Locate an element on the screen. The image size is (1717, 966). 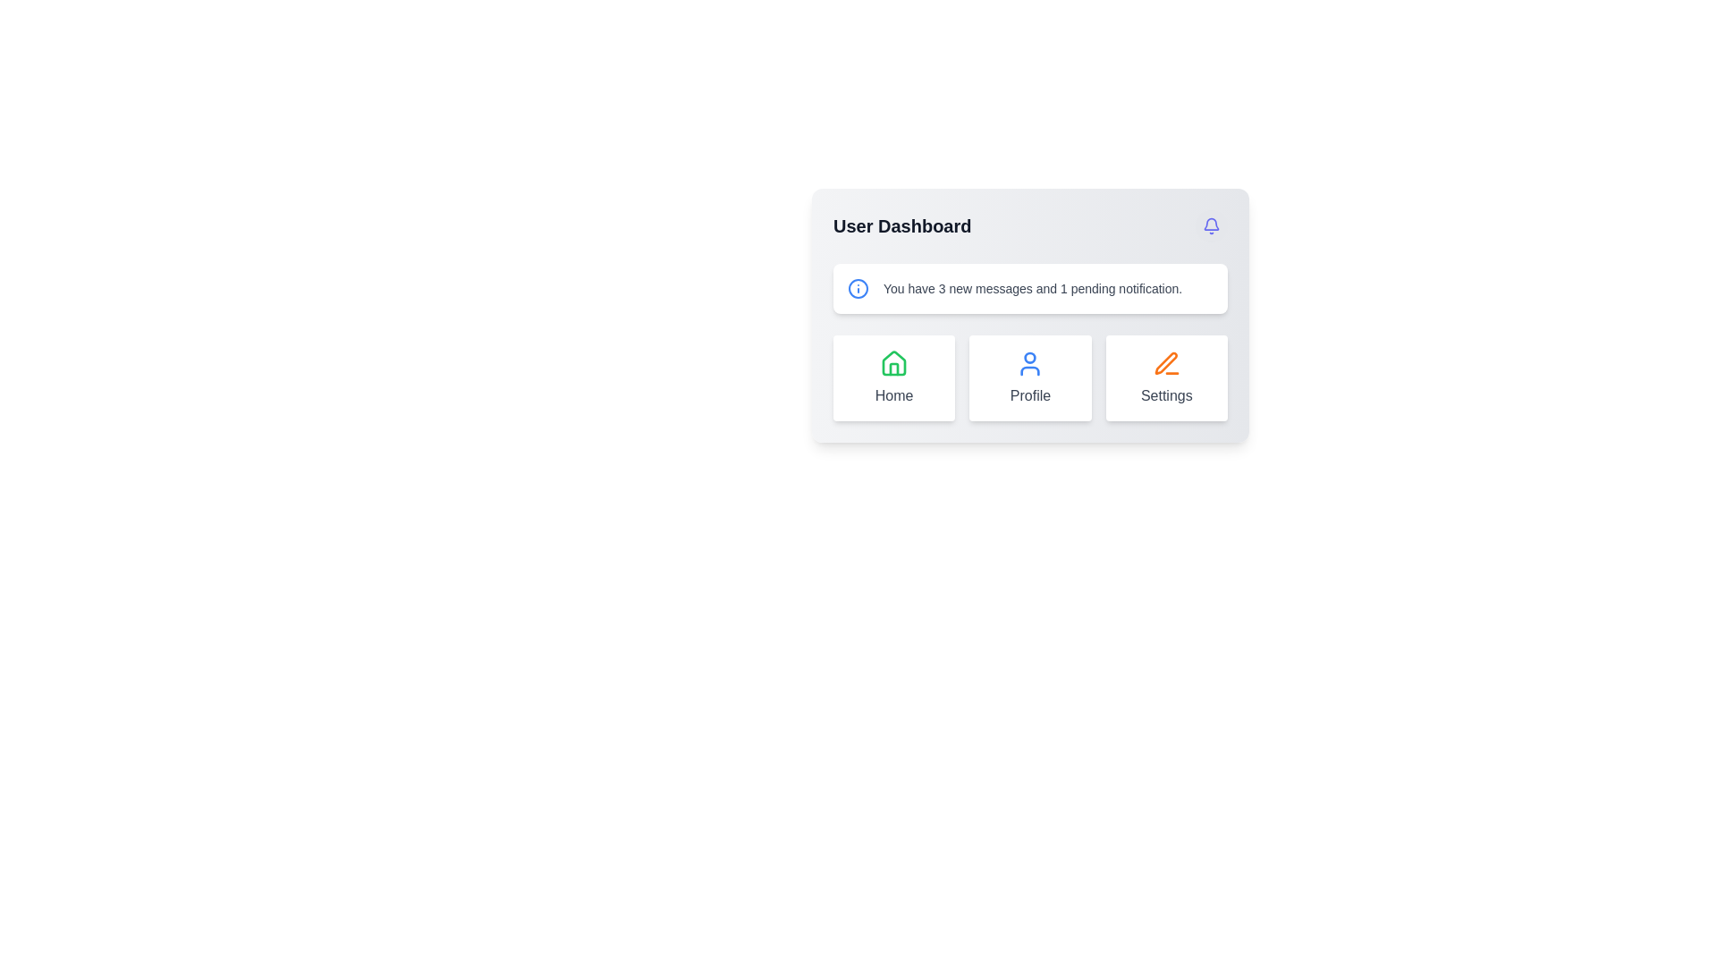
the 'Profile' section represented by the second tile in the 'User Dashboard' grid layout, which visually signifies the user's profile area is located at coordinates (1030, 377).